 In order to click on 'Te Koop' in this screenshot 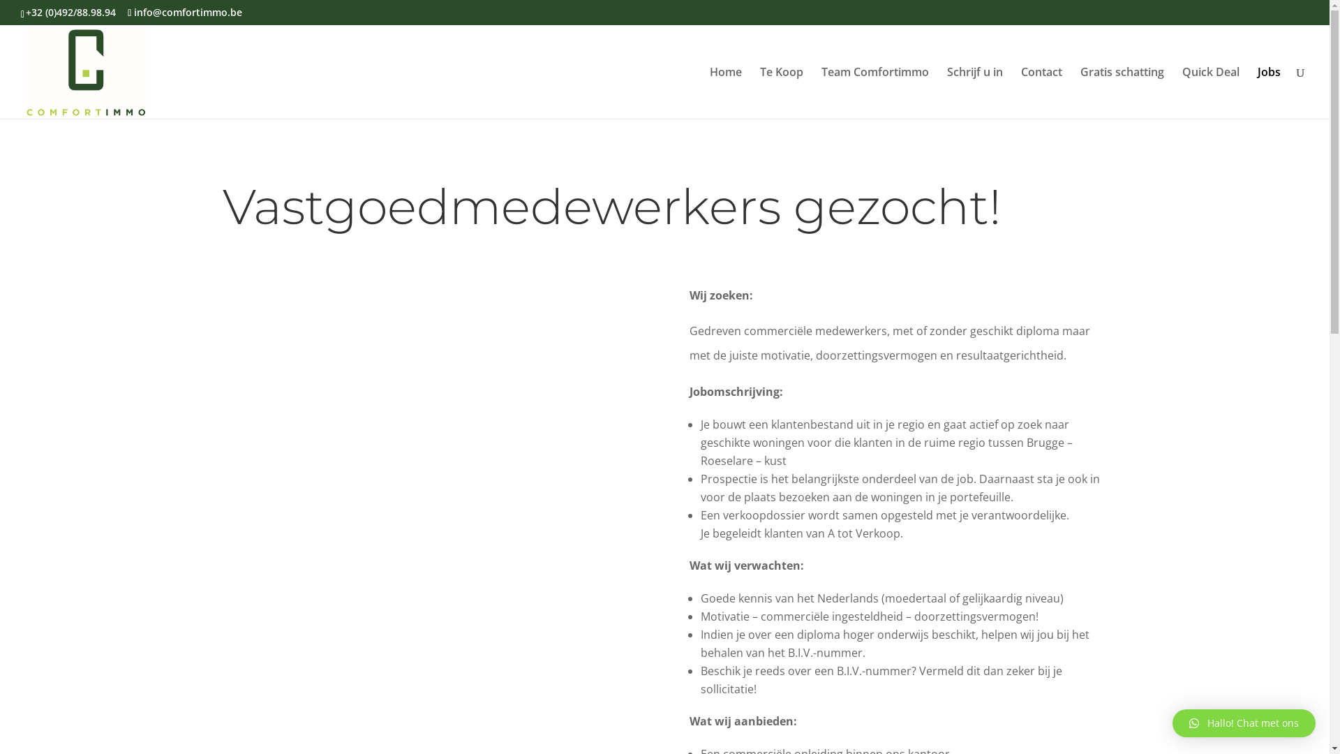, I will do `click(780, 92)`.